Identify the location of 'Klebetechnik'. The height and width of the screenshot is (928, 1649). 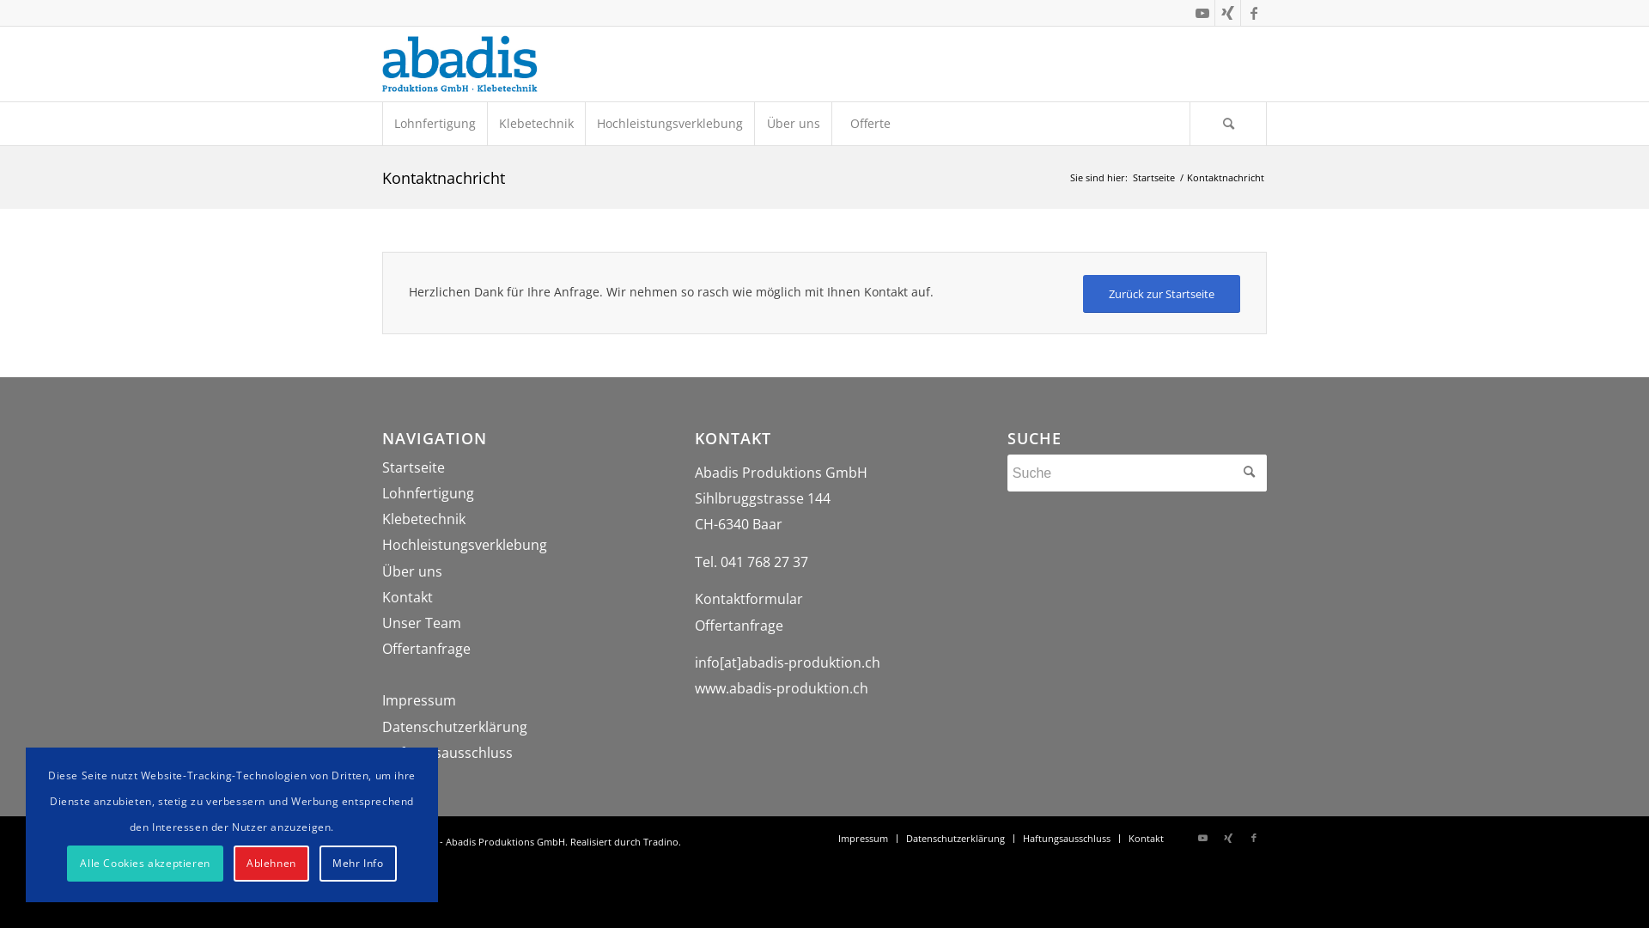
(423, 518).